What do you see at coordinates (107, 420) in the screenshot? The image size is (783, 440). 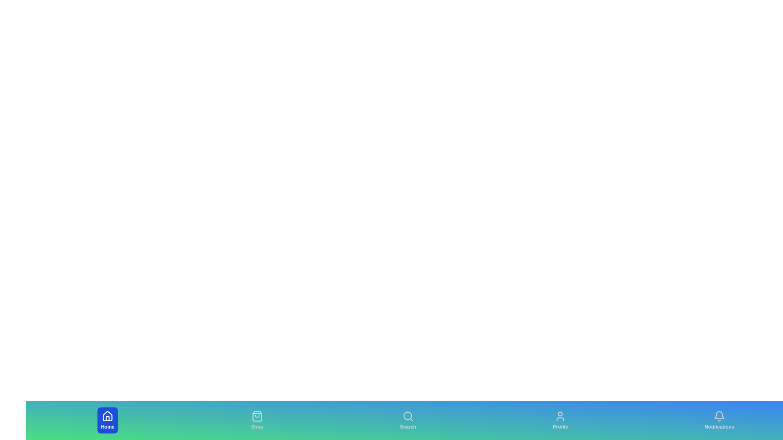 I see `the Home tab to view its hover effects` at bounding box center [107, 420].